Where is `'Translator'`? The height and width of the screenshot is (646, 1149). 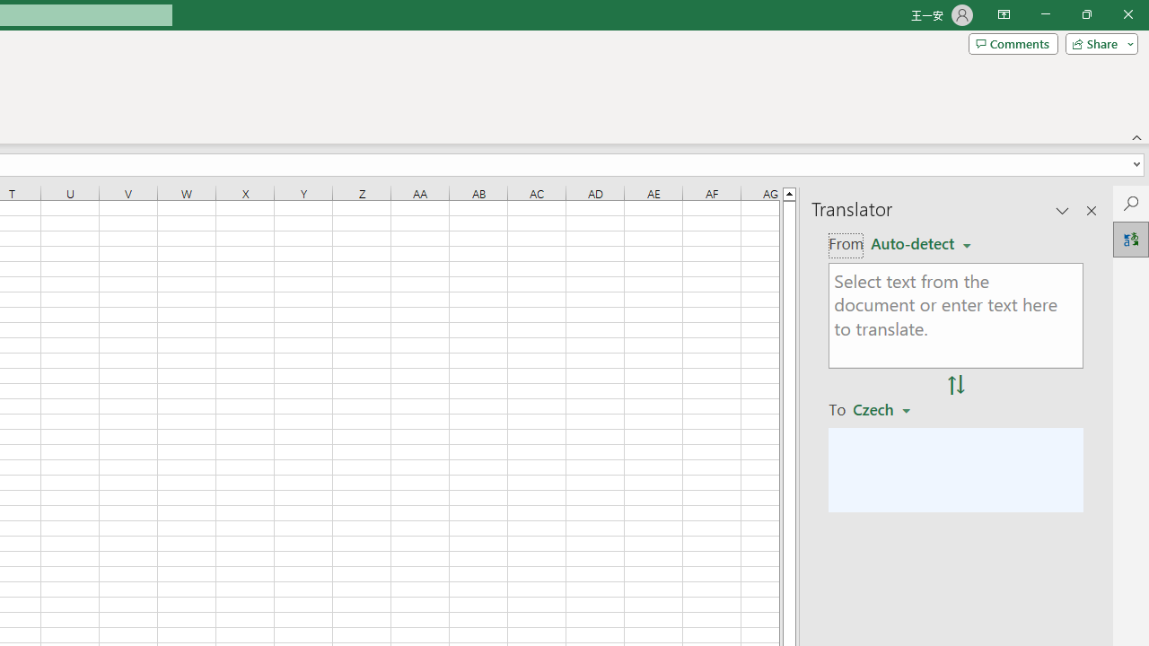 'Translator' is located at coordinates (1130, 239).